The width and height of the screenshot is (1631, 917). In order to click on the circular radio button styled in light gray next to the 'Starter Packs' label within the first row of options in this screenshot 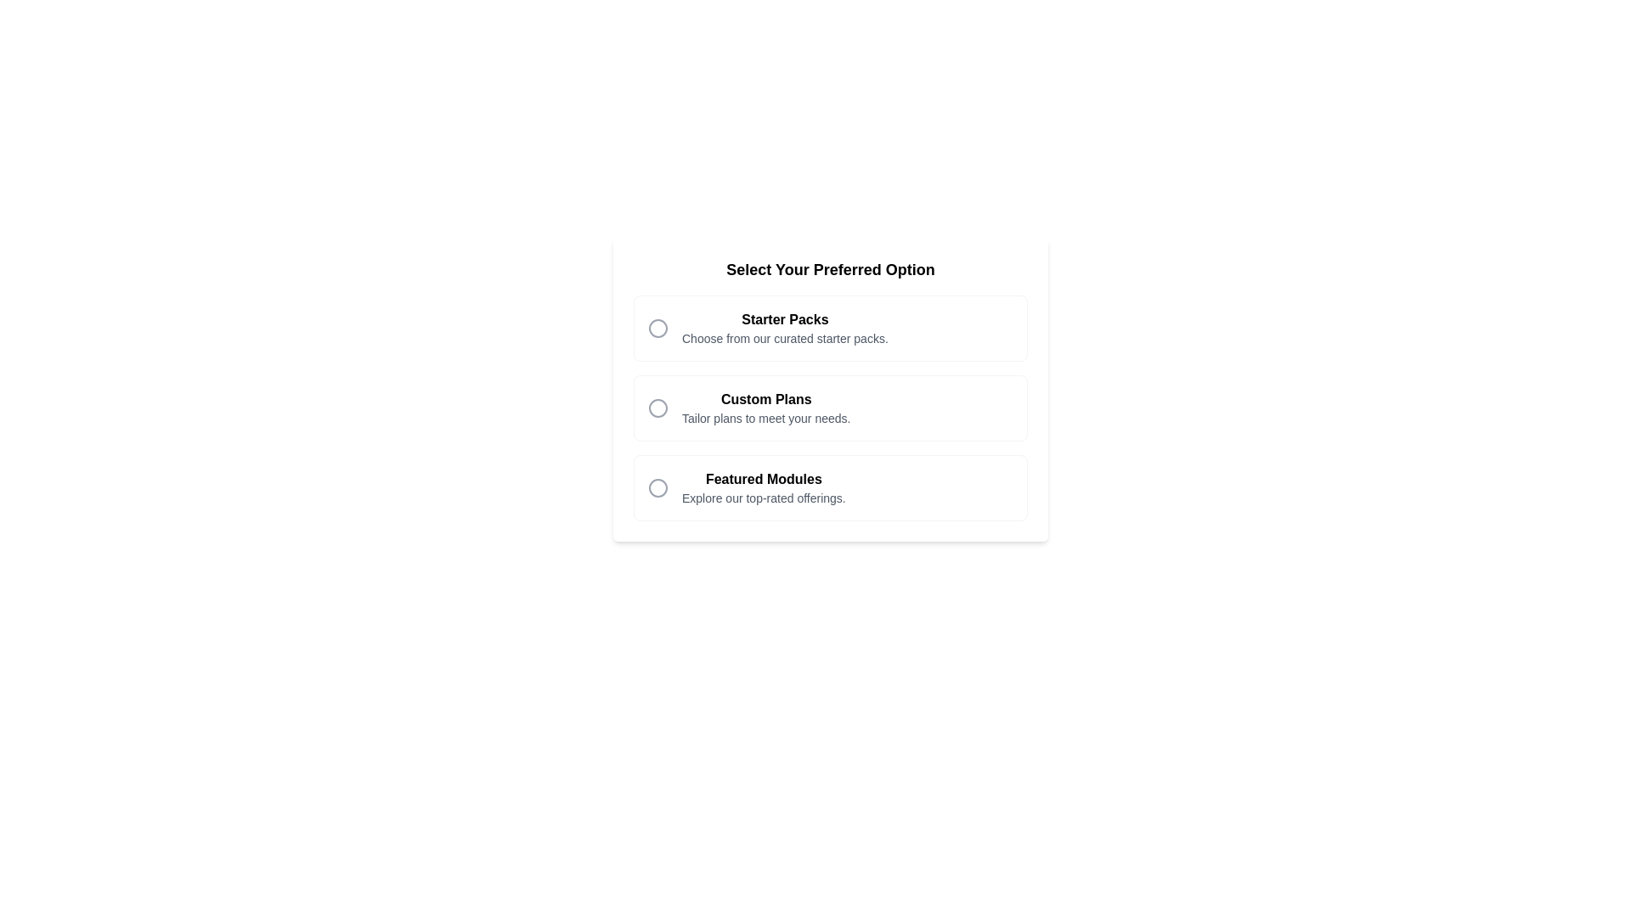, I will do `click(657, 328)`.